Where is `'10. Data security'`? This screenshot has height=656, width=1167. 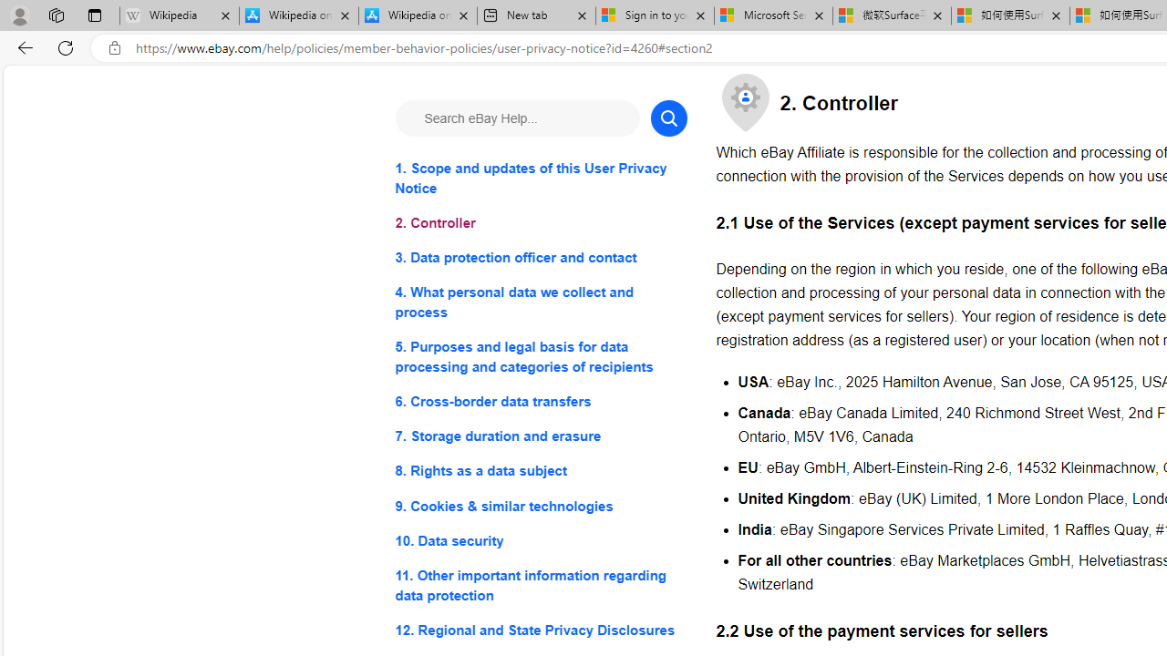 '10. Data security' is located at coordinates (540, 539).